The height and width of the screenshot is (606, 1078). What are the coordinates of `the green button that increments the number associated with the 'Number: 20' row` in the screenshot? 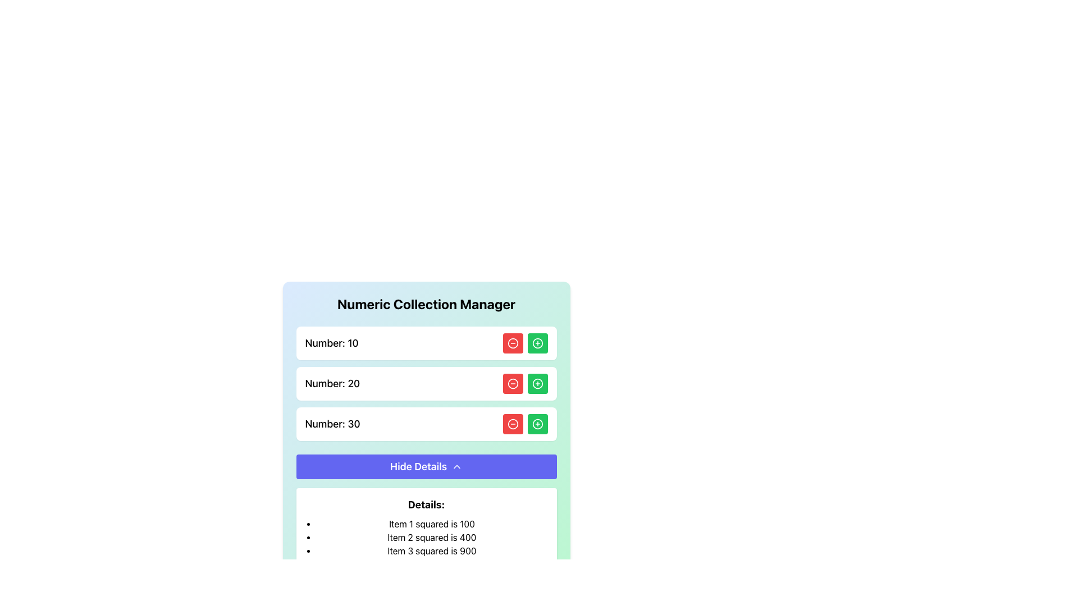 It's located at (537, 383).